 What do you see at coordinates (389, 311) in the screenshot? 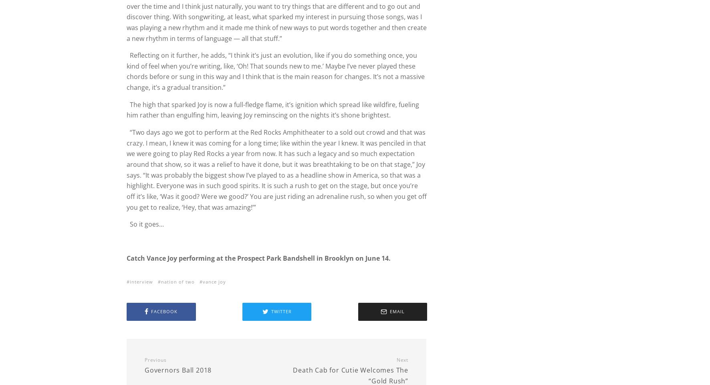
I see `'Email'` at bounding box center [389, 311].